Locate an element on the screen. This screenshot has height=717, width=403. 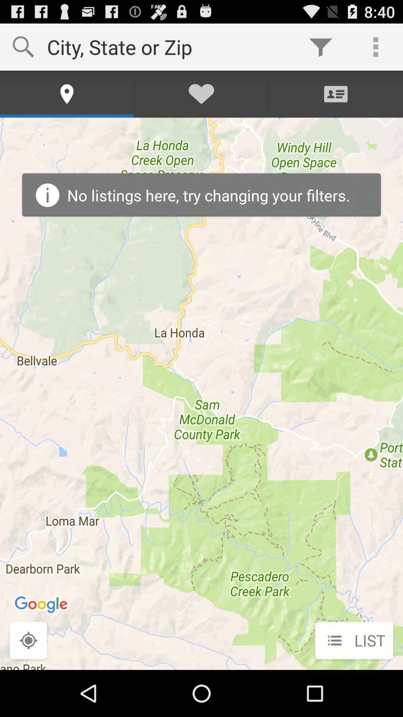
icon at the center is located at coordinates (201, 393).